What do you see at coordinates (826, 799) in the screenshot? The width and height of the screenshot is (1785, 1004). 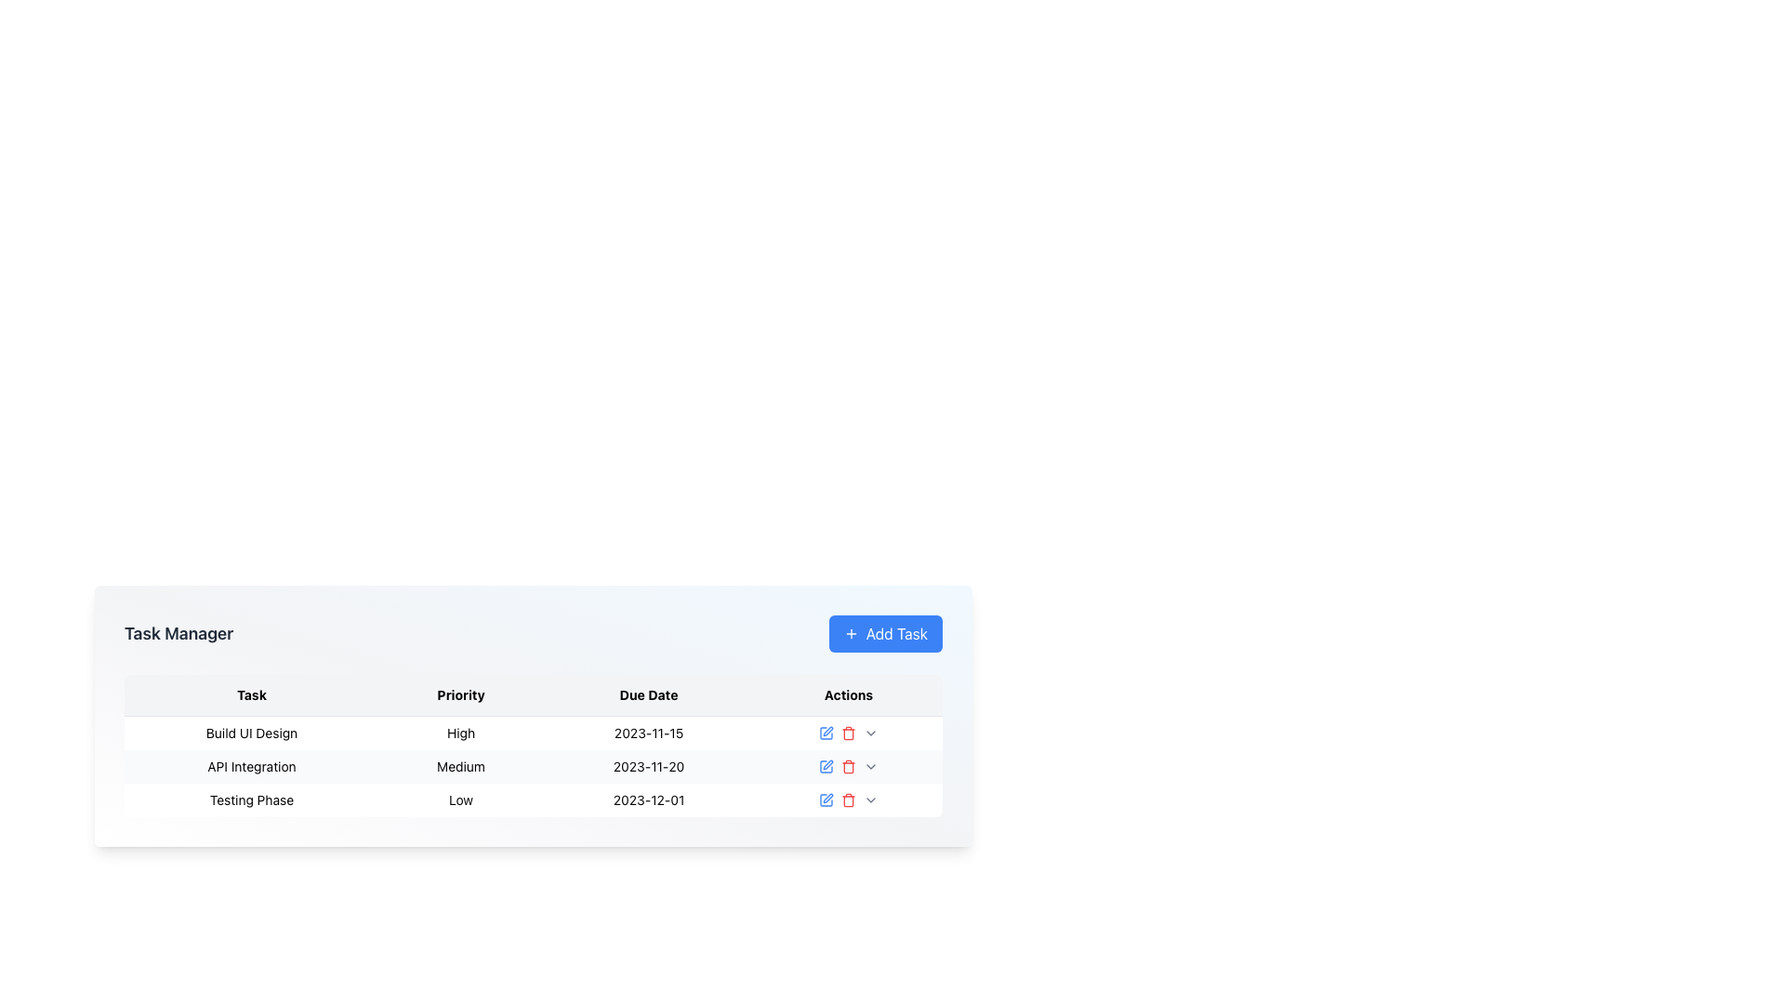 I see `the small blue rectangular button with a pen icon in the 'Actions' column for the 'Testing Phase' row` at bounding box center [826, 799].